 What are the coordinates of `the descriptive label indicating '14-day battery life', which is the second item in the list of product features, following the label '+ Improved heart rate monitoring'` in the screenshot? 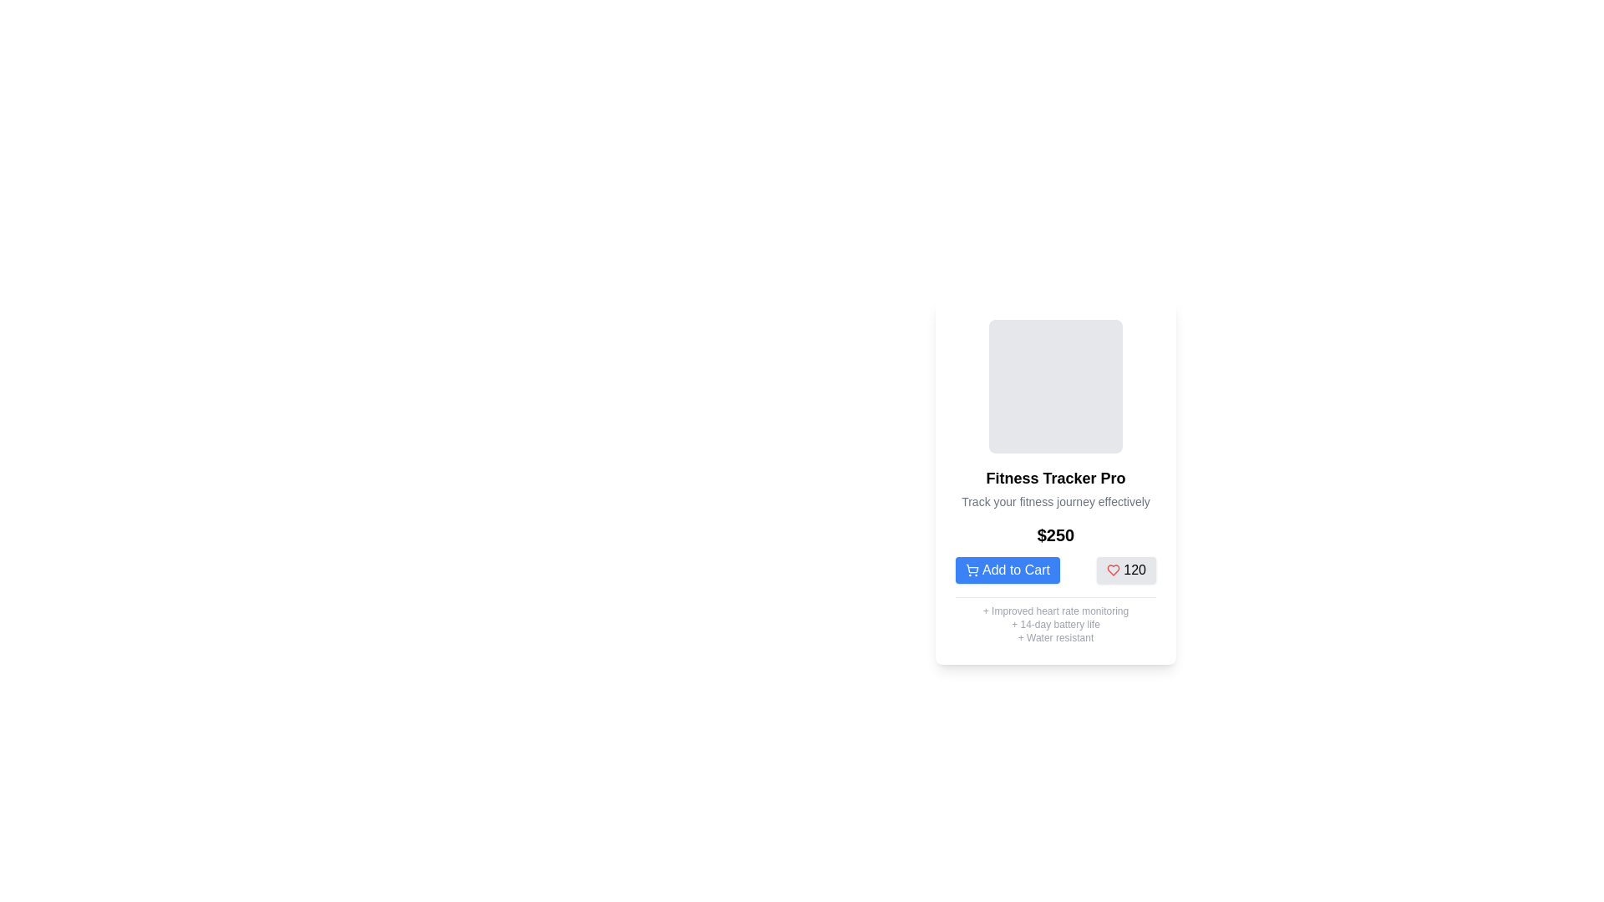 It's located at (1054, 625).